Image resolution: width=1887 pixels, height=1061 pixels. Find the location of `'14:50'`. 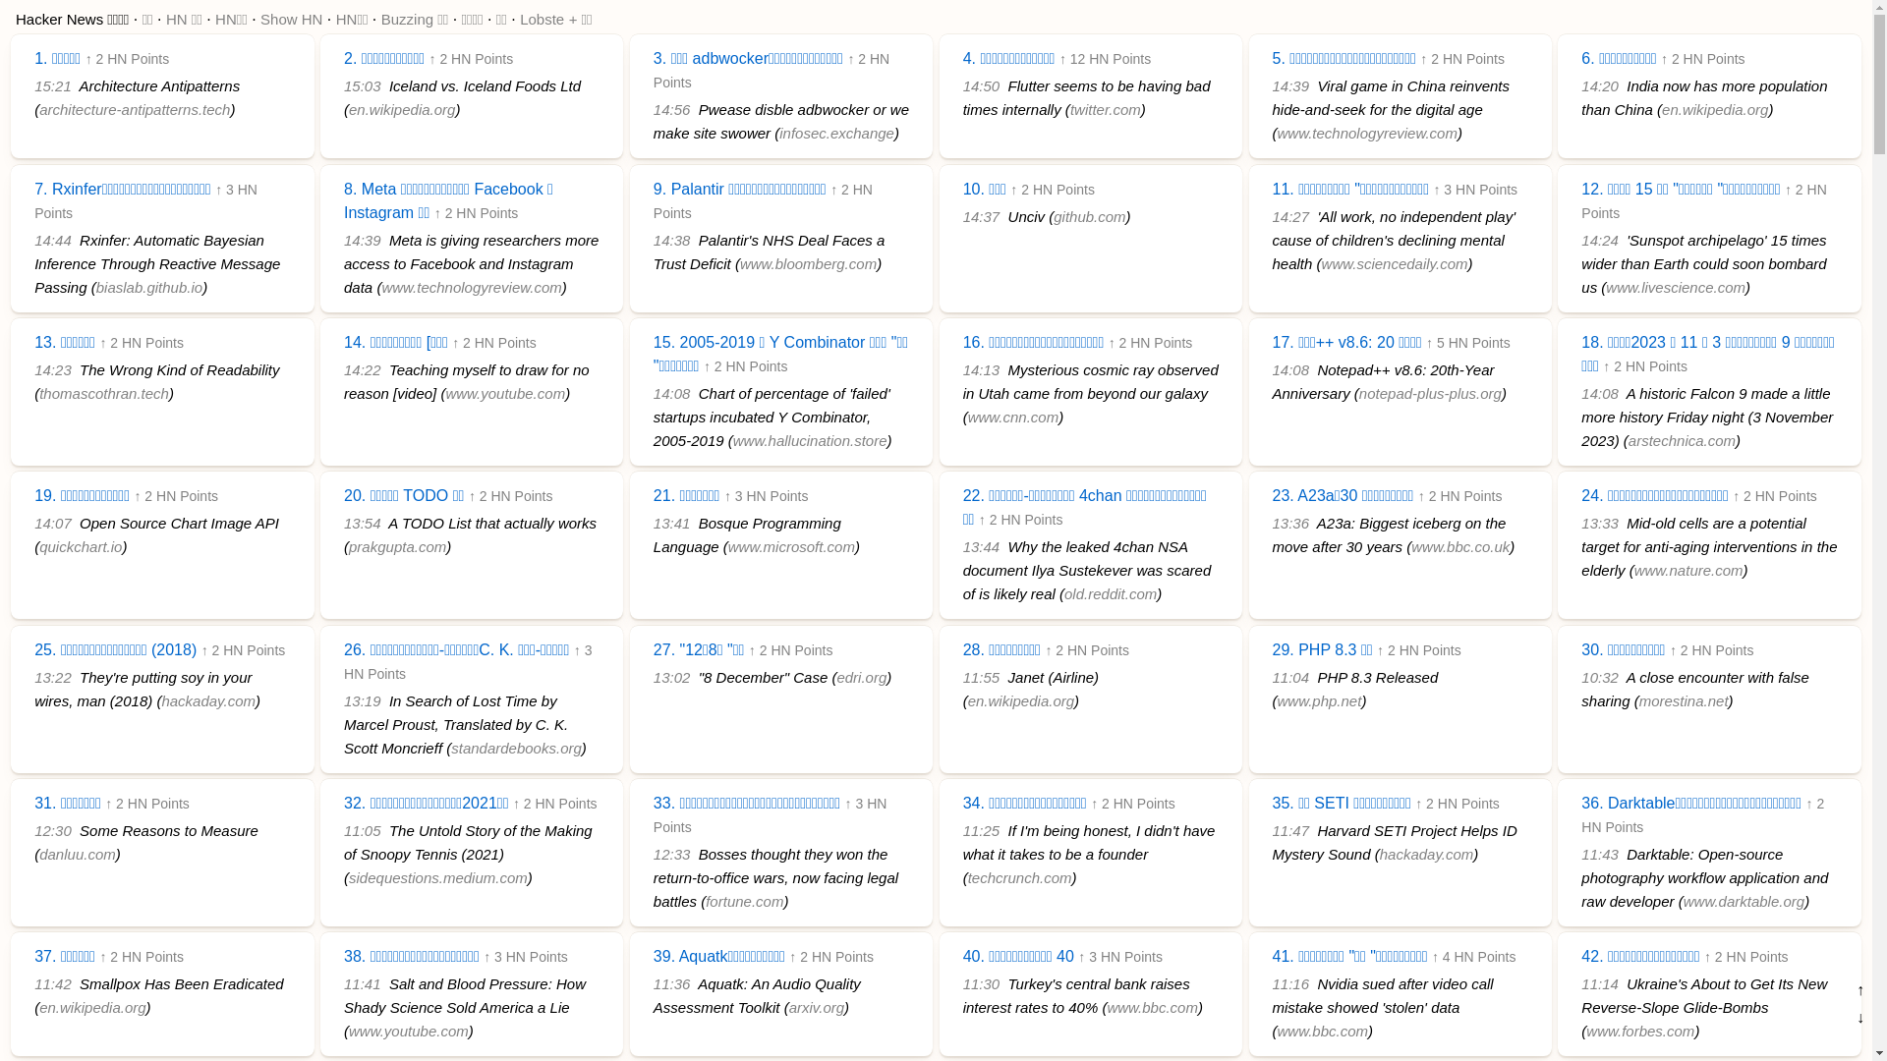

'14:50' is located at coordinates (962, 84).